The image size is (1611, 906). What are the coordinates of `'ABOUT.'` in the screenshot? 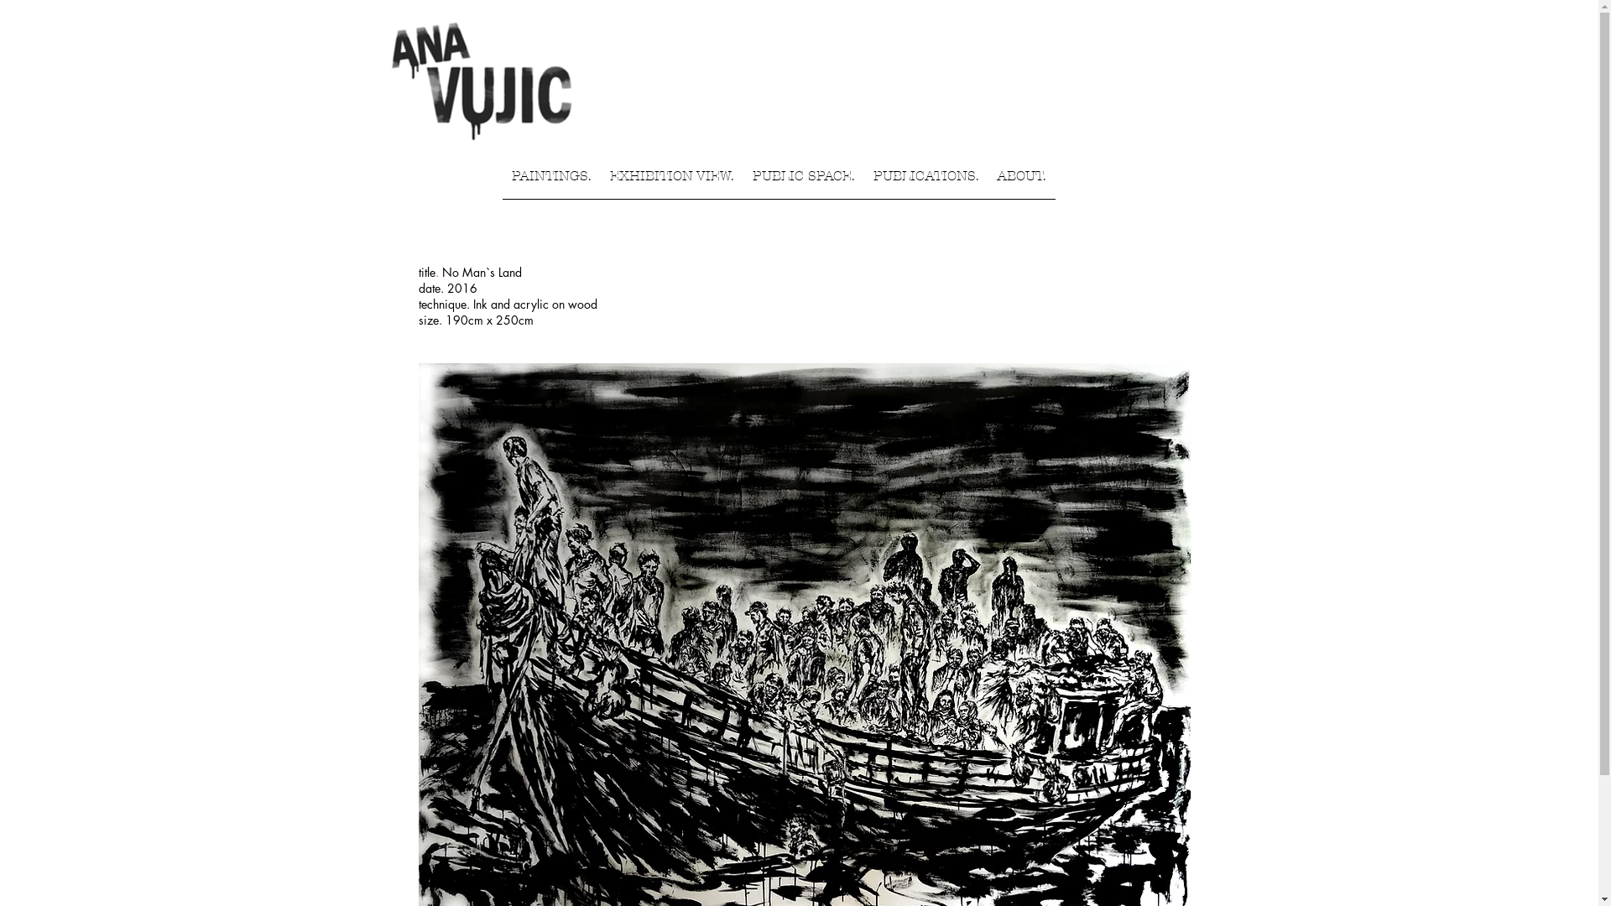 It's located at (1021, 181).